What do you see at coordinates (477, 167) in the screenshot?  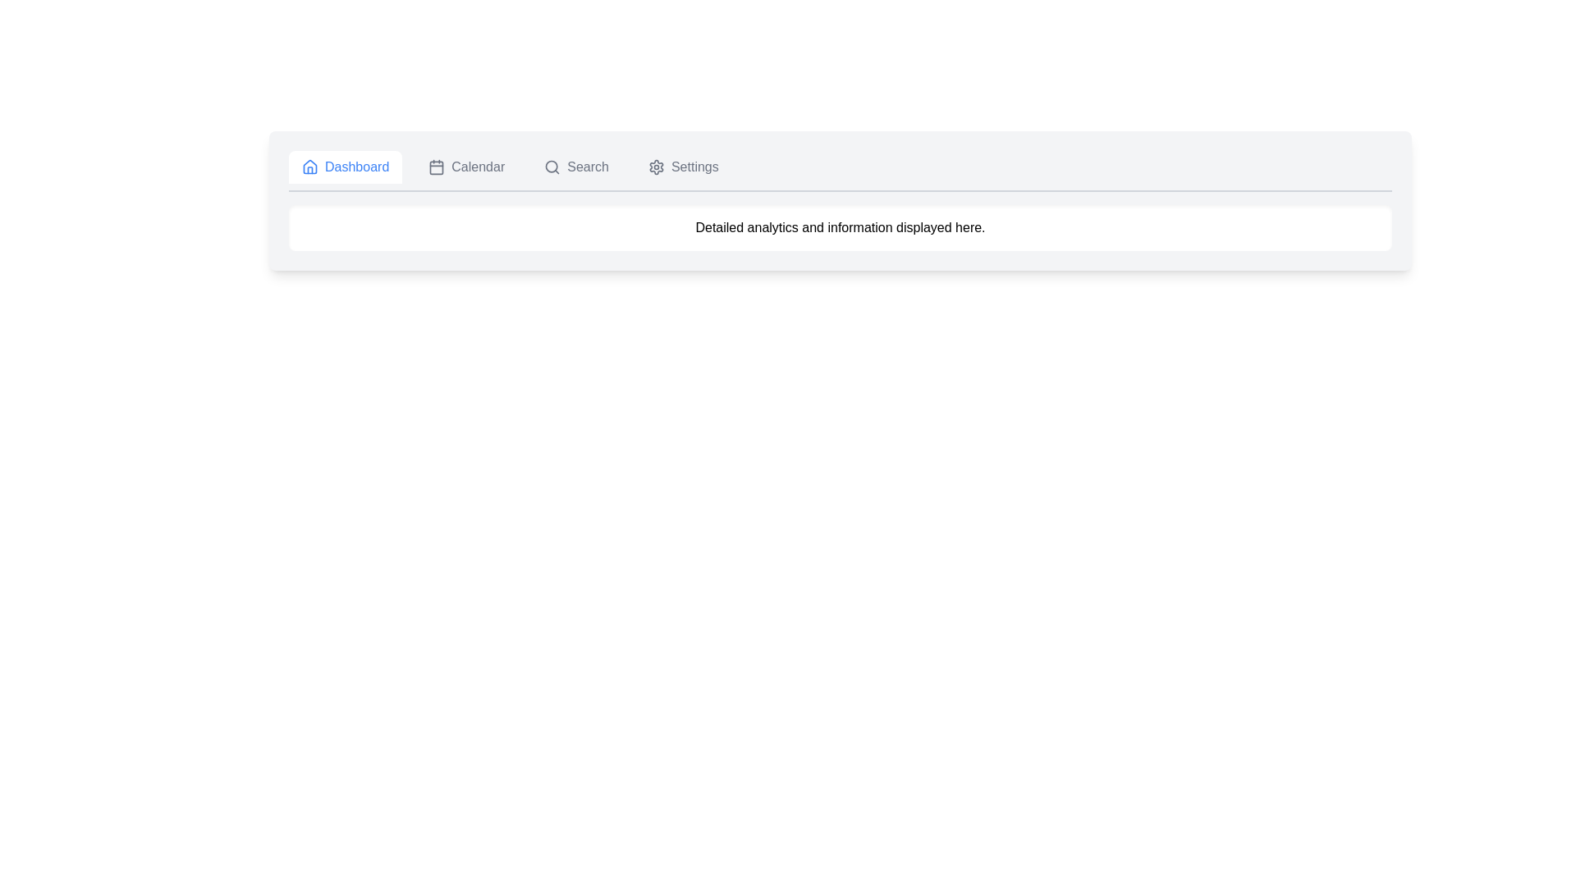 I see `the 'Calendar' text label in the top navigation bar, located to the right of the calendar icon and following the 'Dashboard' label` at bounding box center [477, 167].